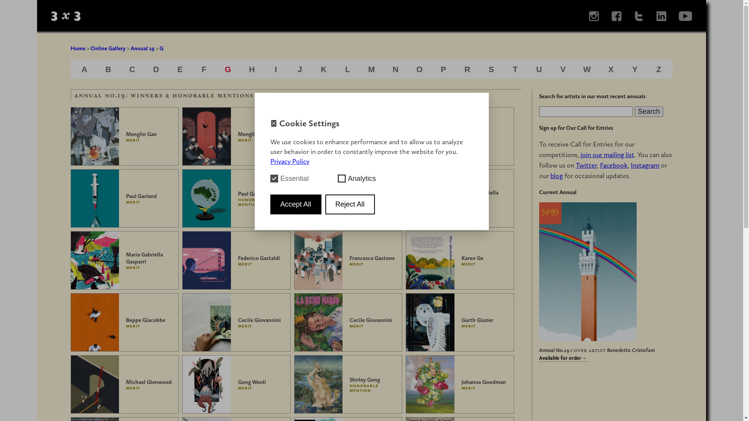  I want to click on 'Facebook', so click(613, 165).